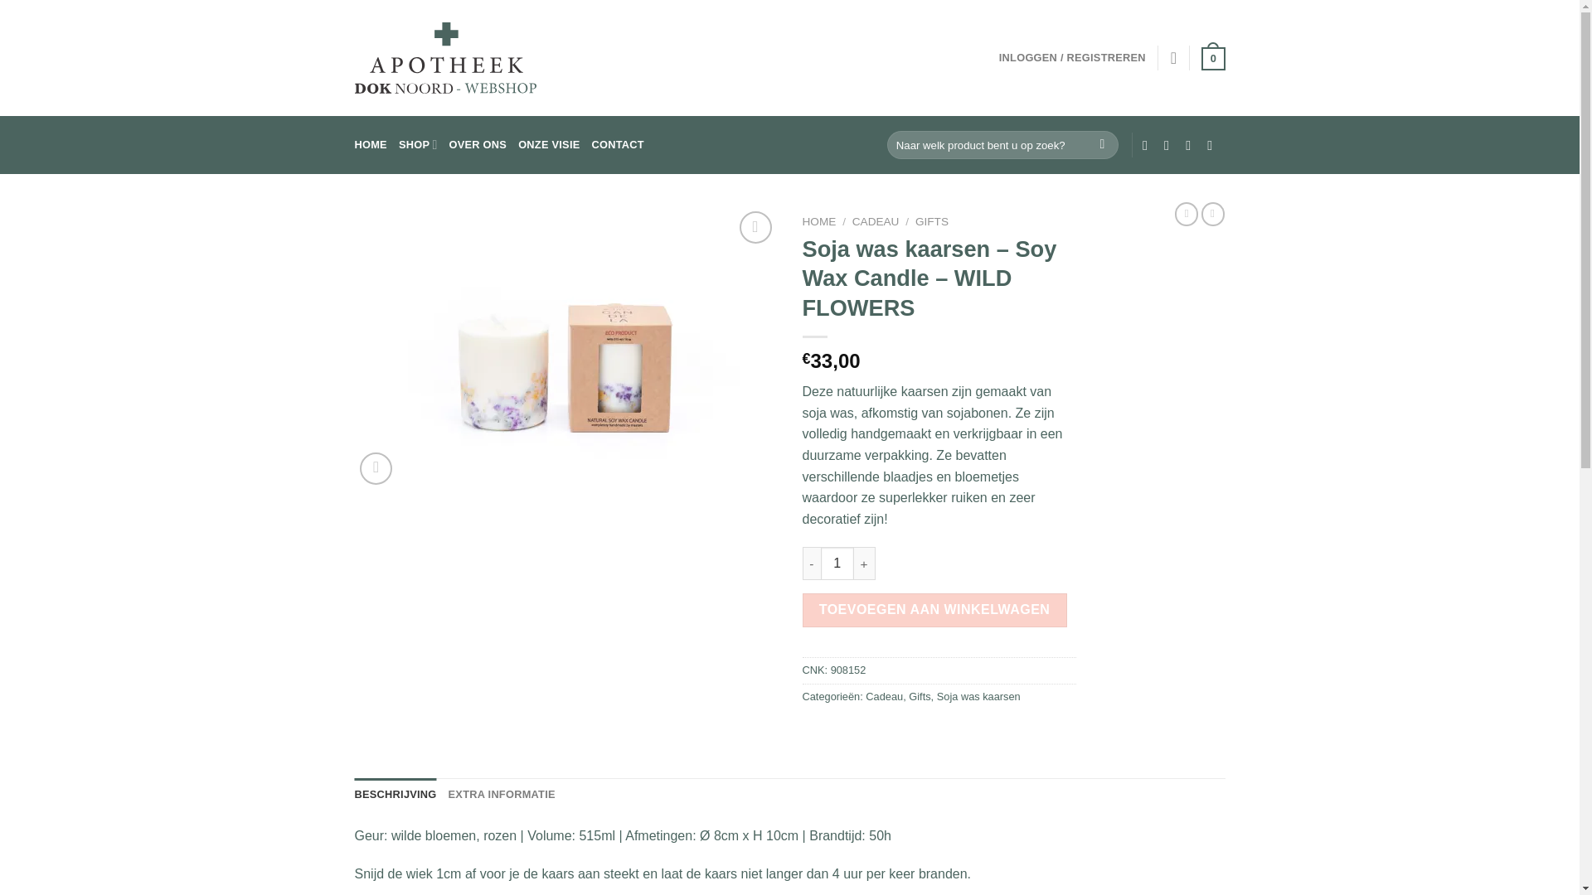 The height and width of the screenshot is (895, 1592). Describe the element at coordinates (931, 220) in the screenshot. I see `'GIFTS'` at that location.